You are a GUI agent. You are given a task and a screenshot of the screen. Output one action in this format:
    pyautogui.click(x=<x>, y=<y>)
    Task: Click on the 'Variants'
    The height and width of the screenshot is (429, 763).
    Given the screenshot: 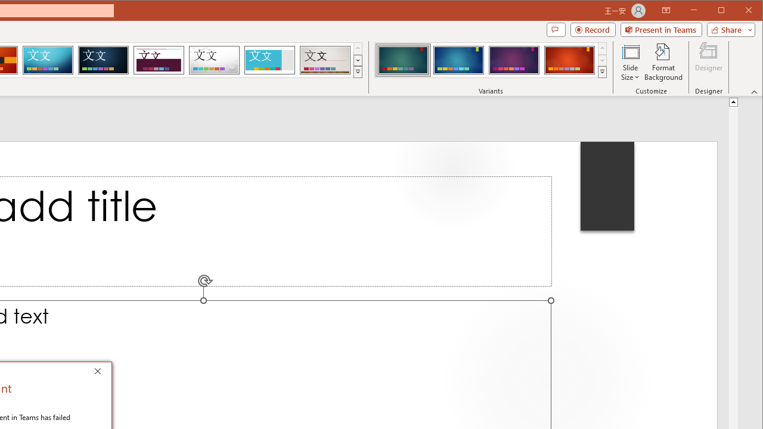 What is the action you would take?
    pyautogui.click(x=602, y=71)
    